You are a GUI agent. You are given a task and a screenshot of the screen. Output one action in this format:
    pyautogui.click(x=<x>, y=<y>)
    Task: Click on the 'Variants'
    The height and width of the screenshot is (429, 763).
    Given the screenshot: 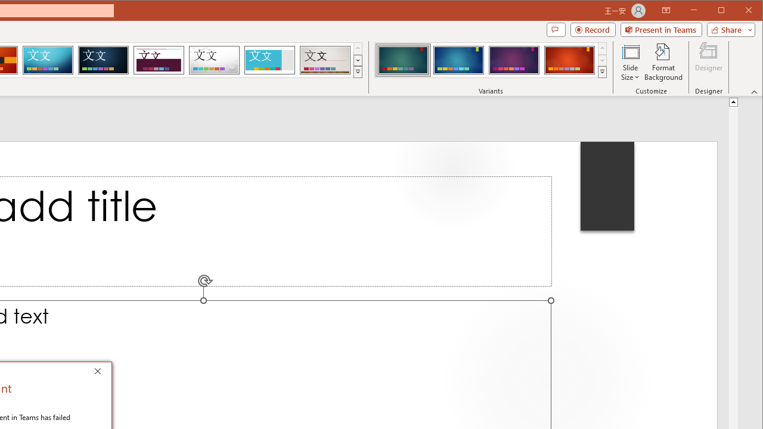 What is the action you would take?
    pyautogui.click(x=602, y=71)
    